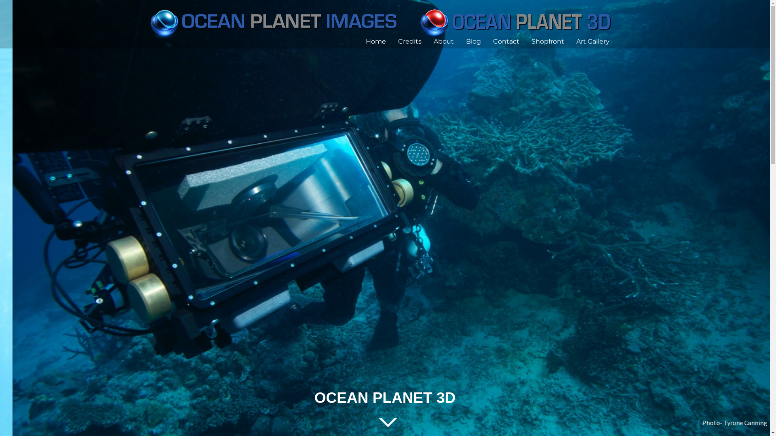 Image resolution: width=776 pixels, height=436 pixels. Describe the element at coordinates (506, 41) in the screenshot. I see `'Contact'` at that location.